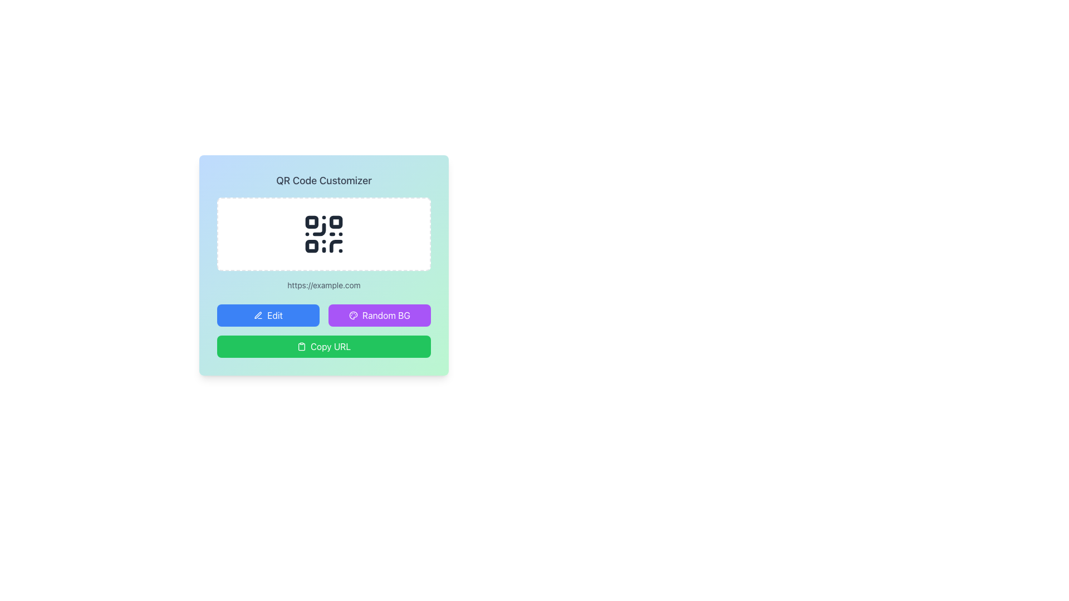  Describe the element at coordinates (352, 316) in the screenshot. I see `the painter's palette icon located on the purple 'Random BG' button, which is centered beneath the QR code display` at that location.